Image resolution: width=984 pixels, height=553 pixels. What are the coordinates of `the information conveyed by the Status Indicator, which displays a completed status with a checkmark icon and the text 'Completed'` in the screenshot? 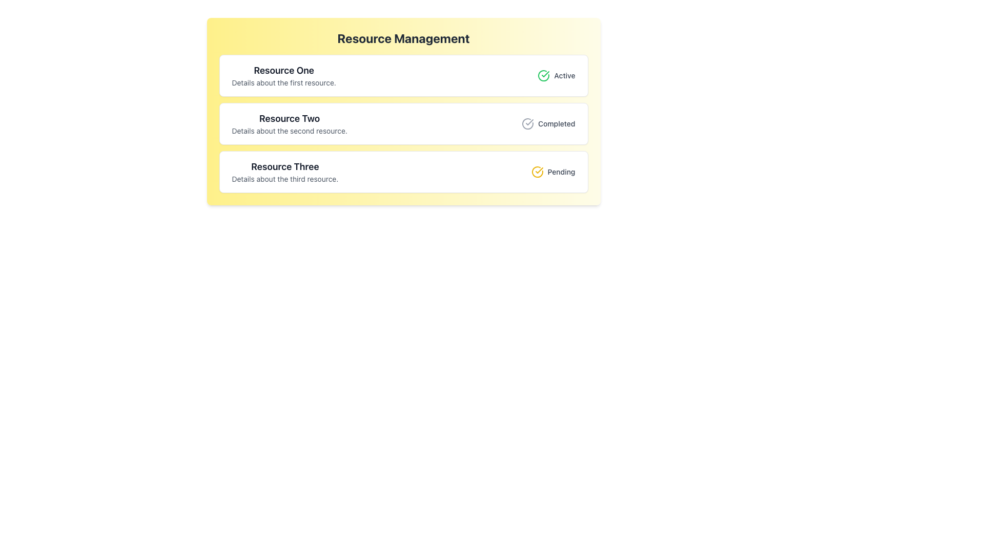 It's located at (548, 123).